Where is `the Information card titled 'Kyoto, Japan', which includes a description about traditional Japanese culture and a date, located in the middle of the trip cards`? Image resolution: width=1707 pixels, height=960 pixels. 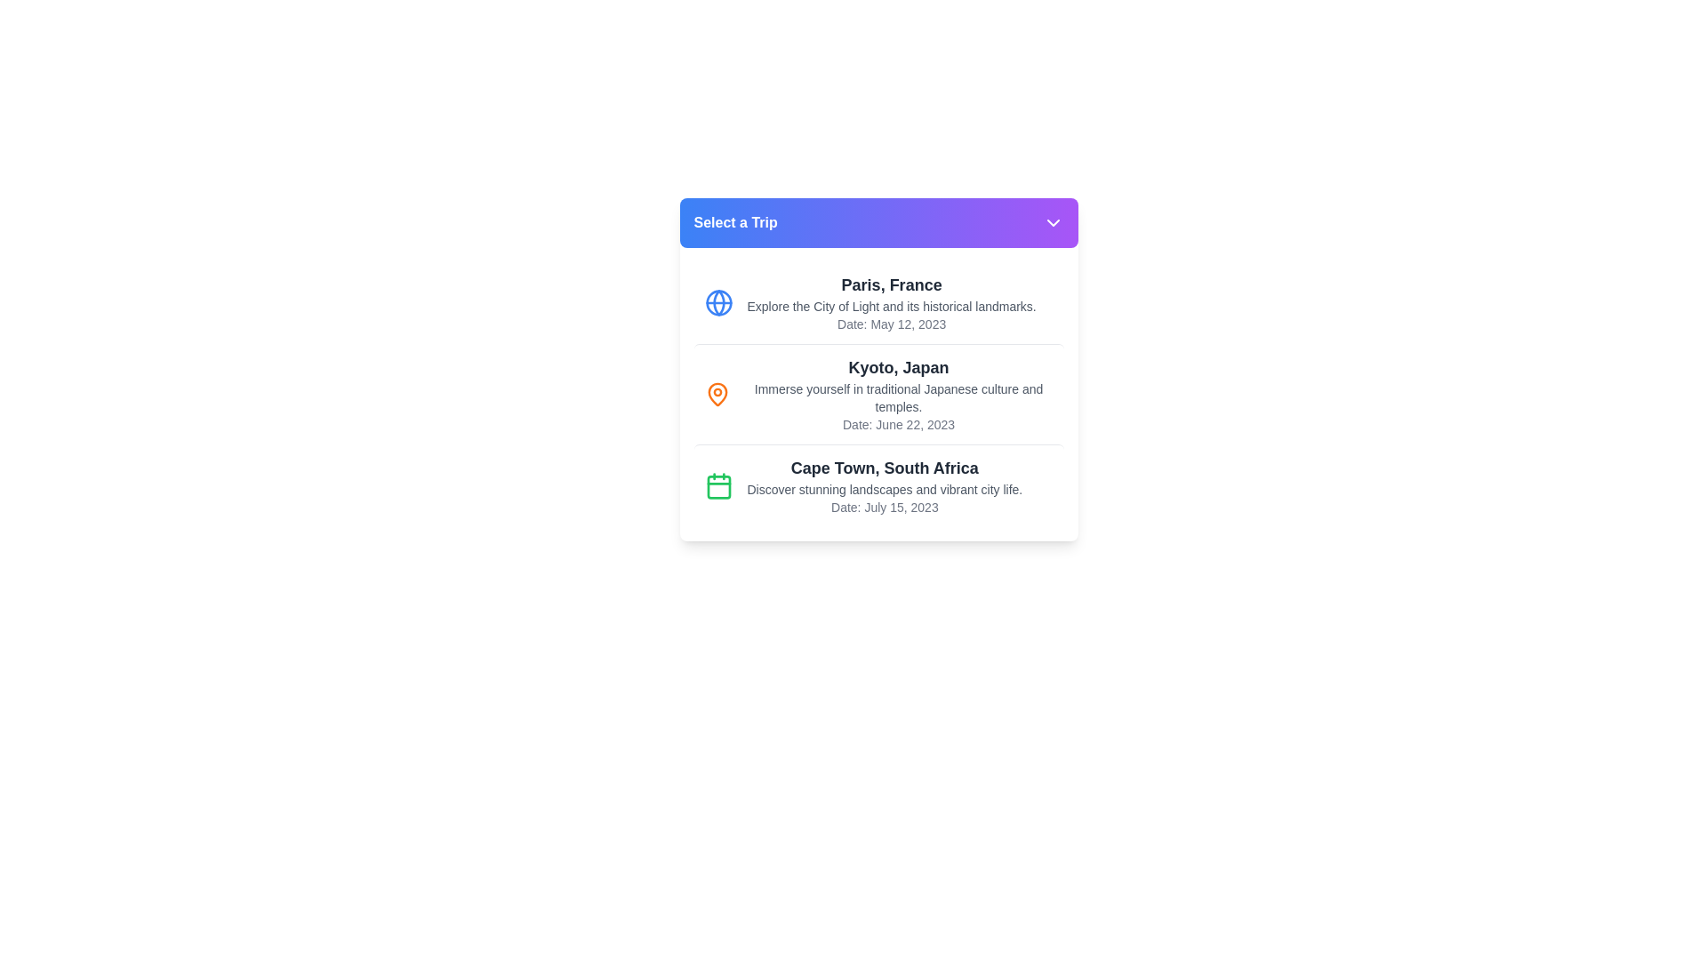
the Information card titled 'Kyoto, Japan', which includes a description about traditional Japanese culture and a date, located in the middle of the trip cards is located at coordinates (899, 393).